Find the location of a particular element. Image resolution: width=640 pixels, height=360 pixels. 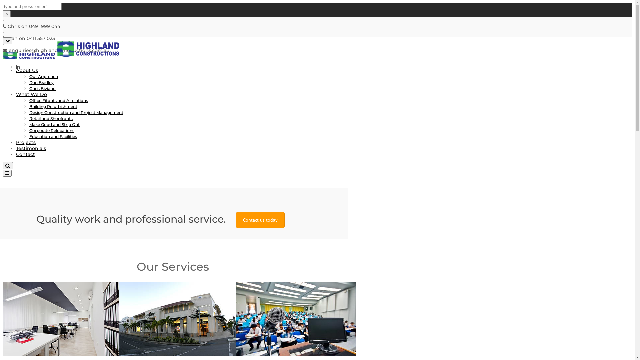

'Dan Bradley' is located at coordinates (41, 82).